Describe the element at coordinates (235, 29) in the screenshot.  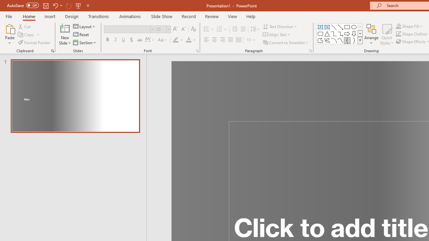
I see `'Decrease Indent'` at that location.